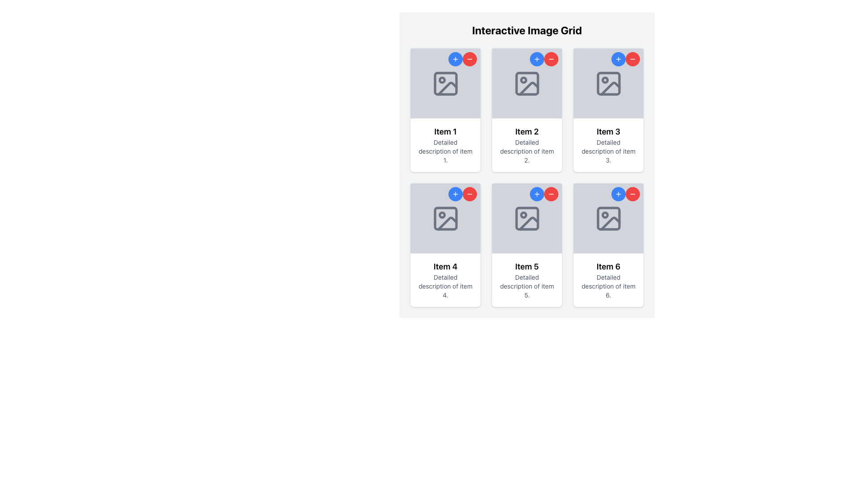  Describe the element at coordinates (462, 193) in the screenshot. I see `the plus button of the composite component located in the top-right corner of the card labeled 'Item 4'` at that location.